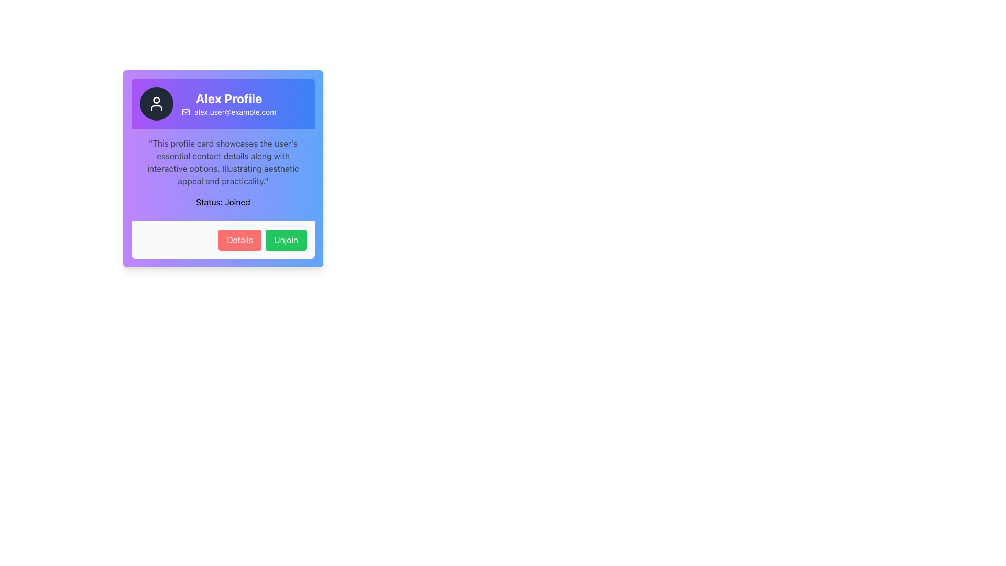 Image resolution: width=1006 pixels, height=566 pixels. What do you see at coordinates (223, 202) in the screenshot?
I see `the status indicator text label that displays 'Joined', located centrally within the card structure beneath a descriptive paragraph` at bounding box center [223, 202].